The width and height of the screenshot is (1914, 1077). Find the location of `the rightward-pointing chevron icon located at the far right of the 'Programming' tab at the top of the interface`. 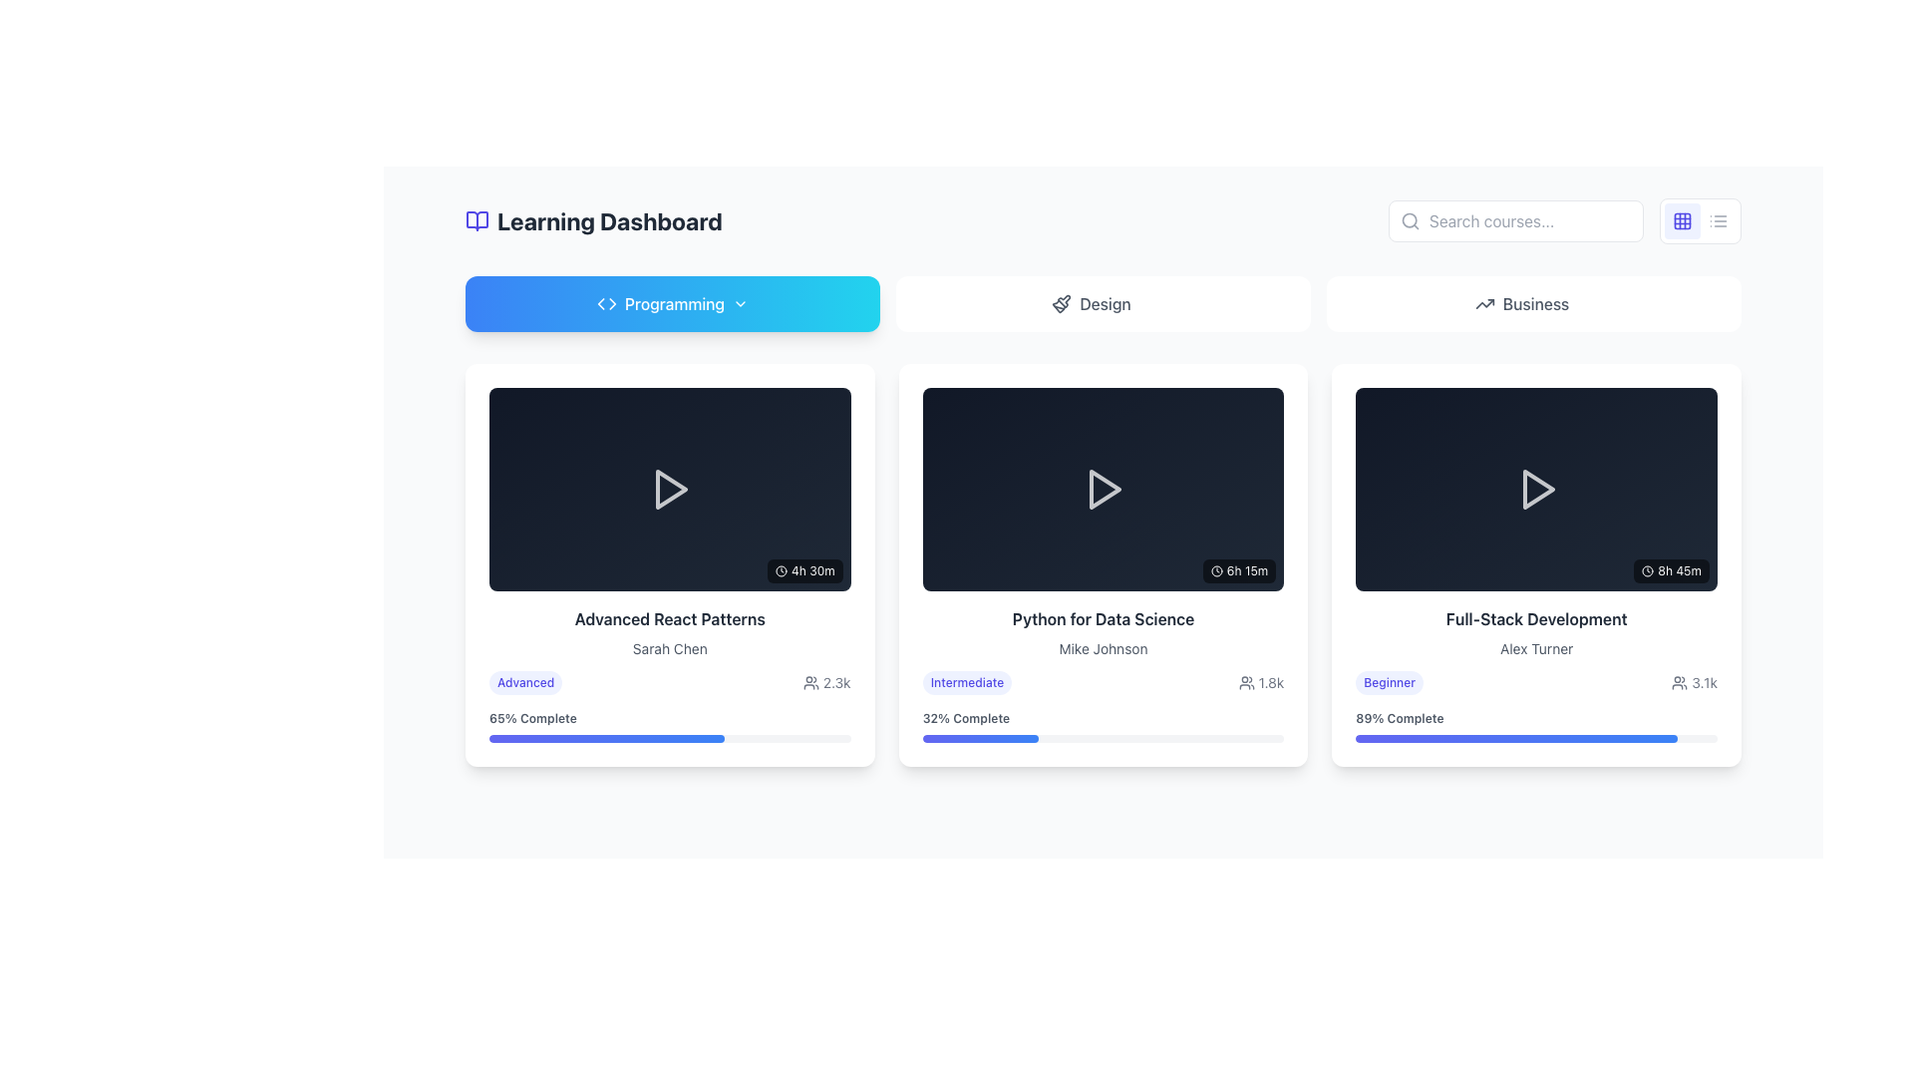

the rightward-pointing chevron icon located at the far right of the 'Programming' tab at the top of the interface is located at coordinates (740, 303).